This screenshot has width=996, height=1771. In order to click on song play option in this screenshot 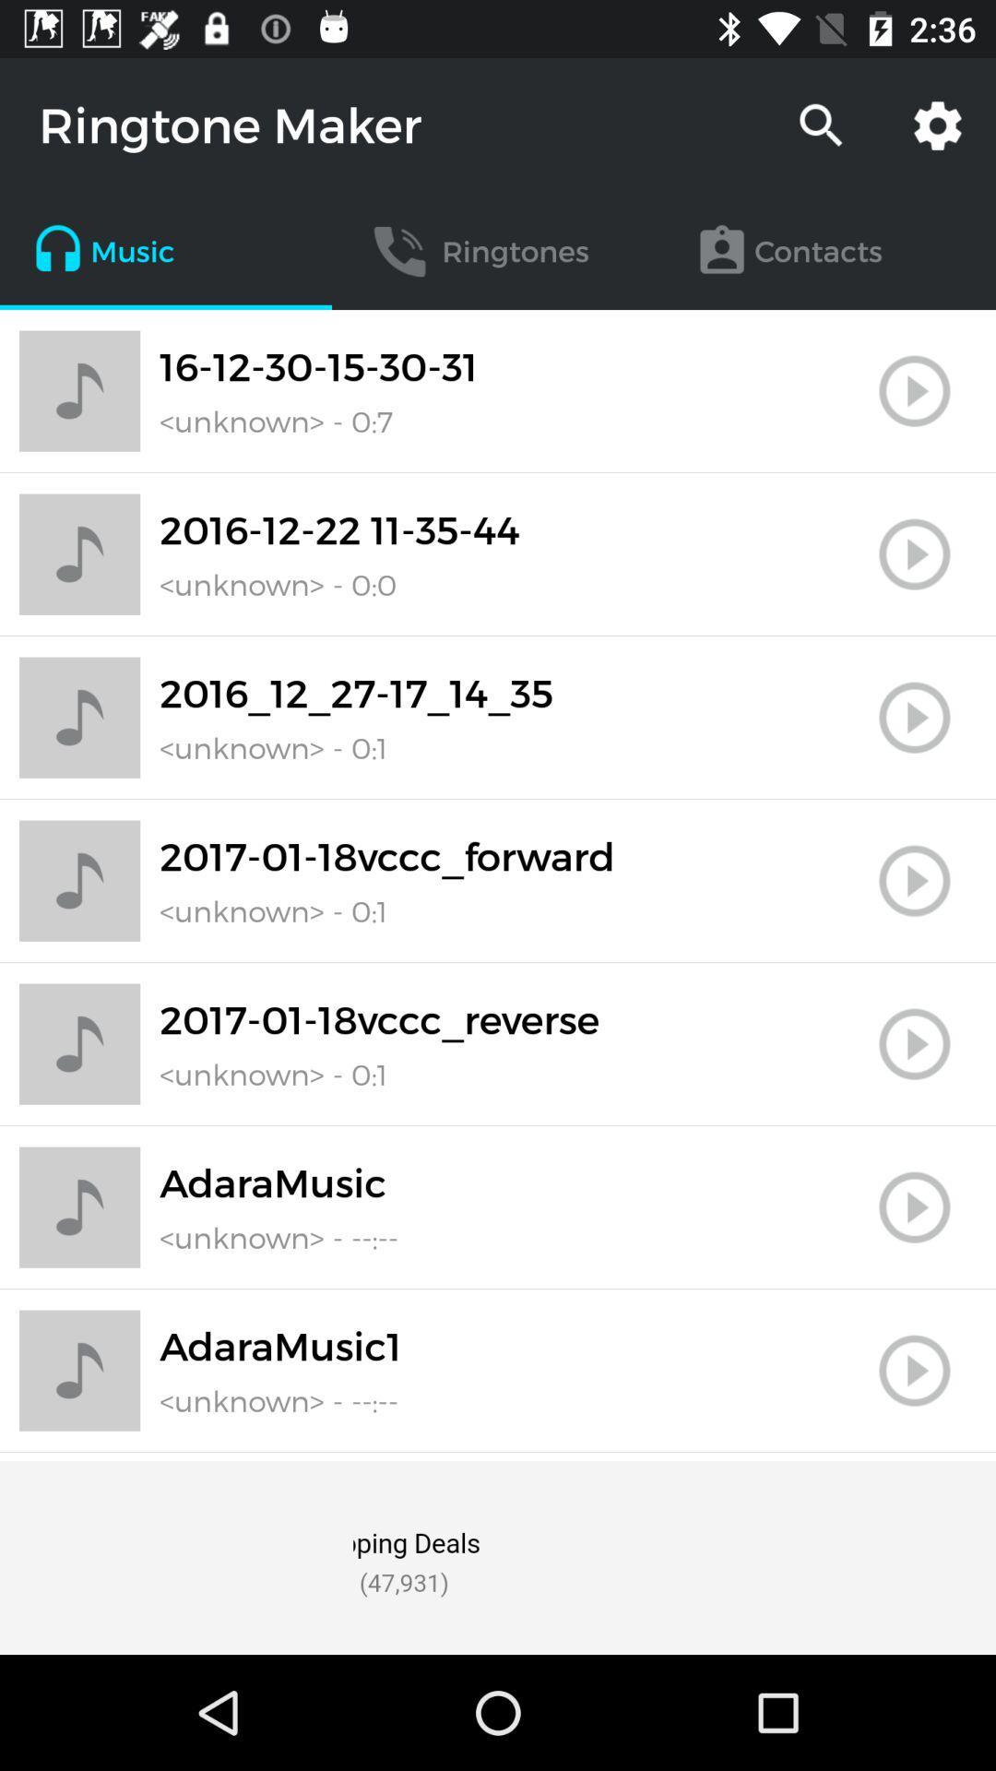, I will do `click(914, 880)`.